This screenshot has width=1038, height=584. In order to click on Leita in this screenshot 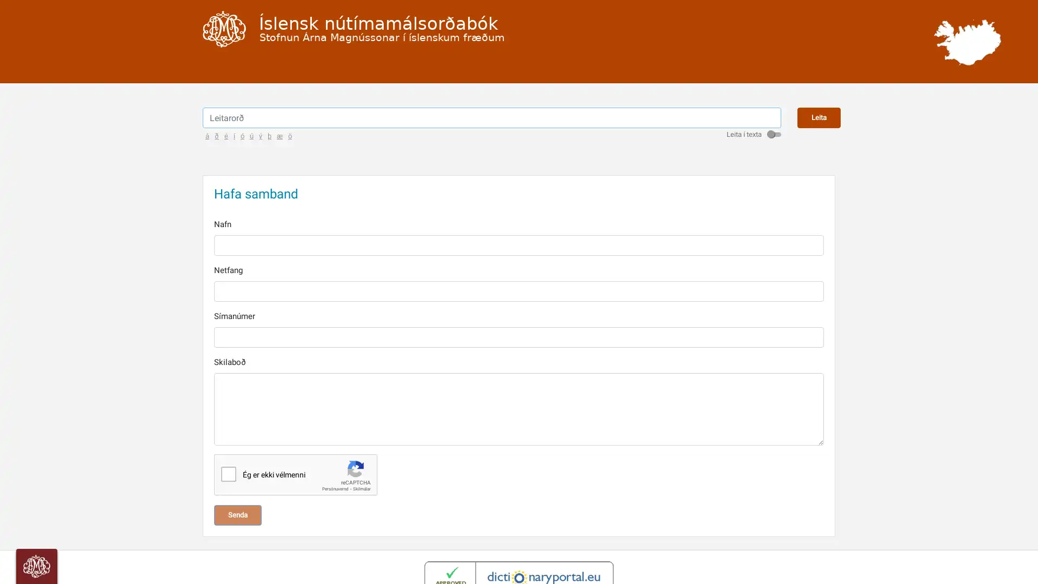, I will do `click(819, 132)`.